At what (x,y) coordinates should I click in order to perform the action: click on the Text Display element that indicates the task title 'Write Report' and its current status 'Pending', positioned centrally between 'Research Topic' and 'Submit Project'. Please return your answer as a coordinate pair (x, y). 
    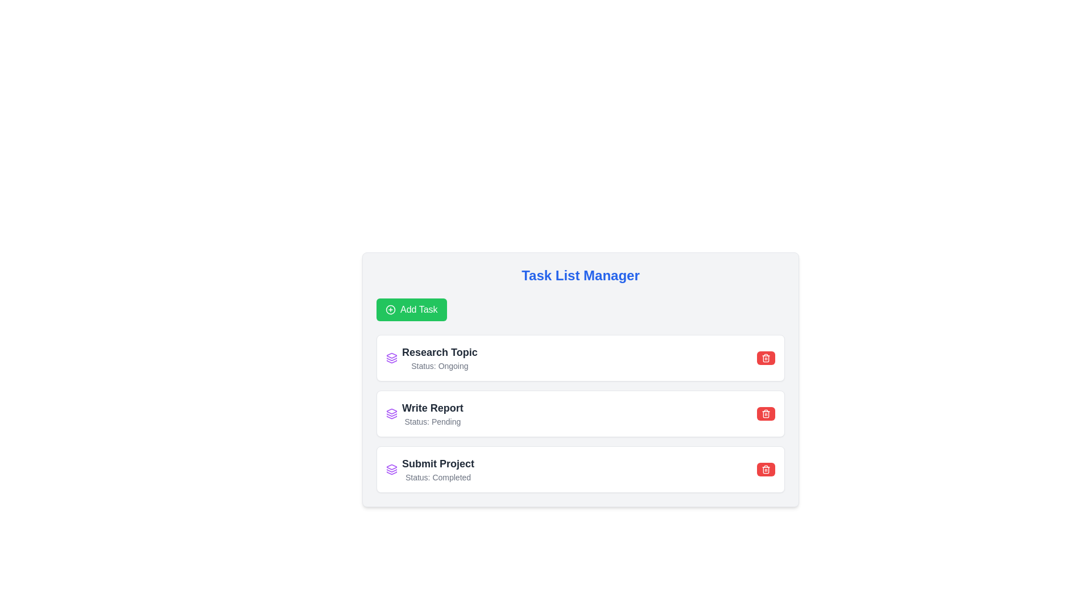
    Looking at the image, I should click on (432, 414).